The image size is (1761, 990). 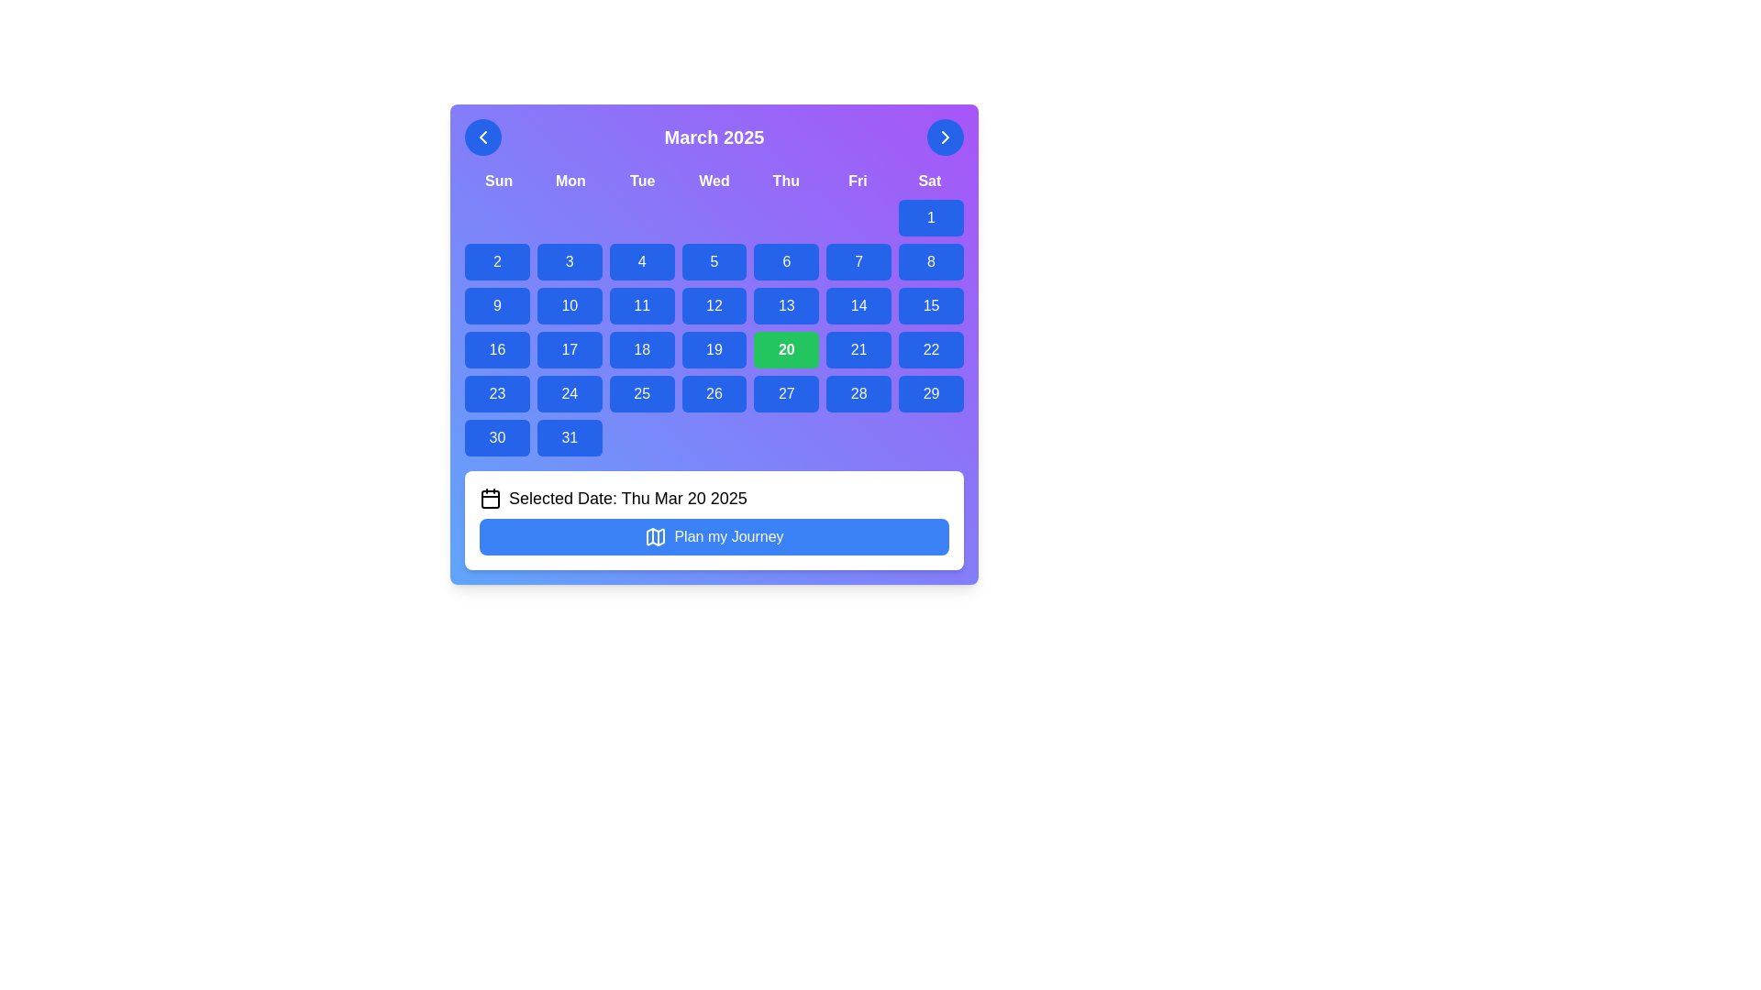 I want to click on the blue rectangular button with rounded corners that displays the number '10' in white text, located in the second row and fourth column of the calendar grid, so click(x=569, y=305).